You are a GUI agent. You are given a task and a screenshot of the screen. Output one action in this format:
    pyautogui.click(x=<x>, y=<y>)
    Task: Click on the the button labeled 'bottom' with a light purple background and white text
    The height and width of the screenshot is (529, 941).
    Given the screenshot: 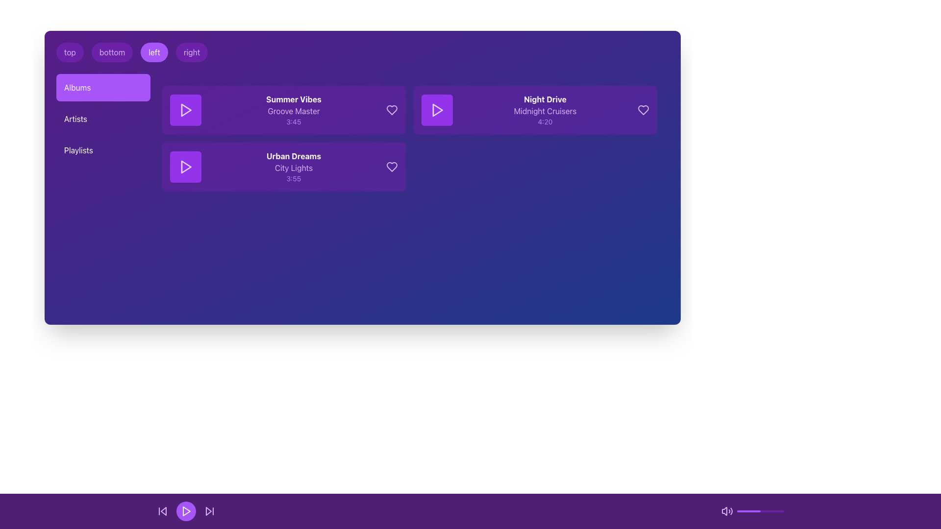 What is the action you would take?
    pyautogui.click(x=112, y=52)
    